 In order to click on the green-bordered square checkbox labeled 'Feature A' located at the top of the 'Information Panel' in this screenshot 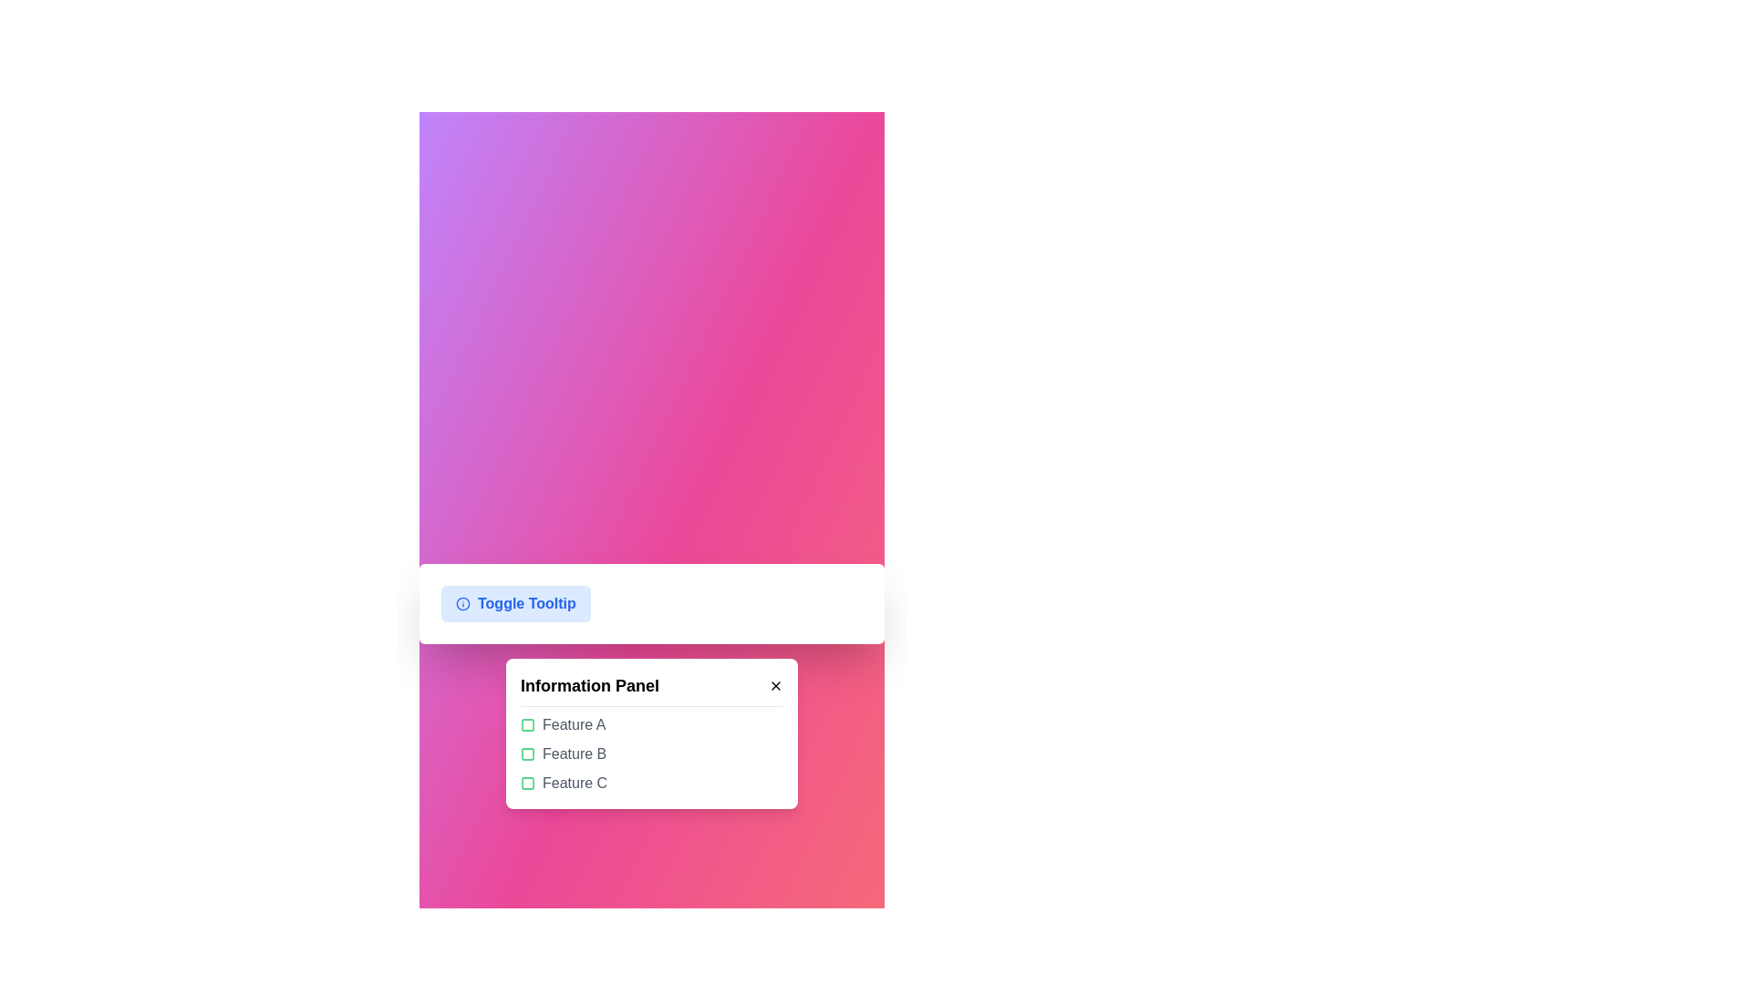, I will do `click(652, 723)`.